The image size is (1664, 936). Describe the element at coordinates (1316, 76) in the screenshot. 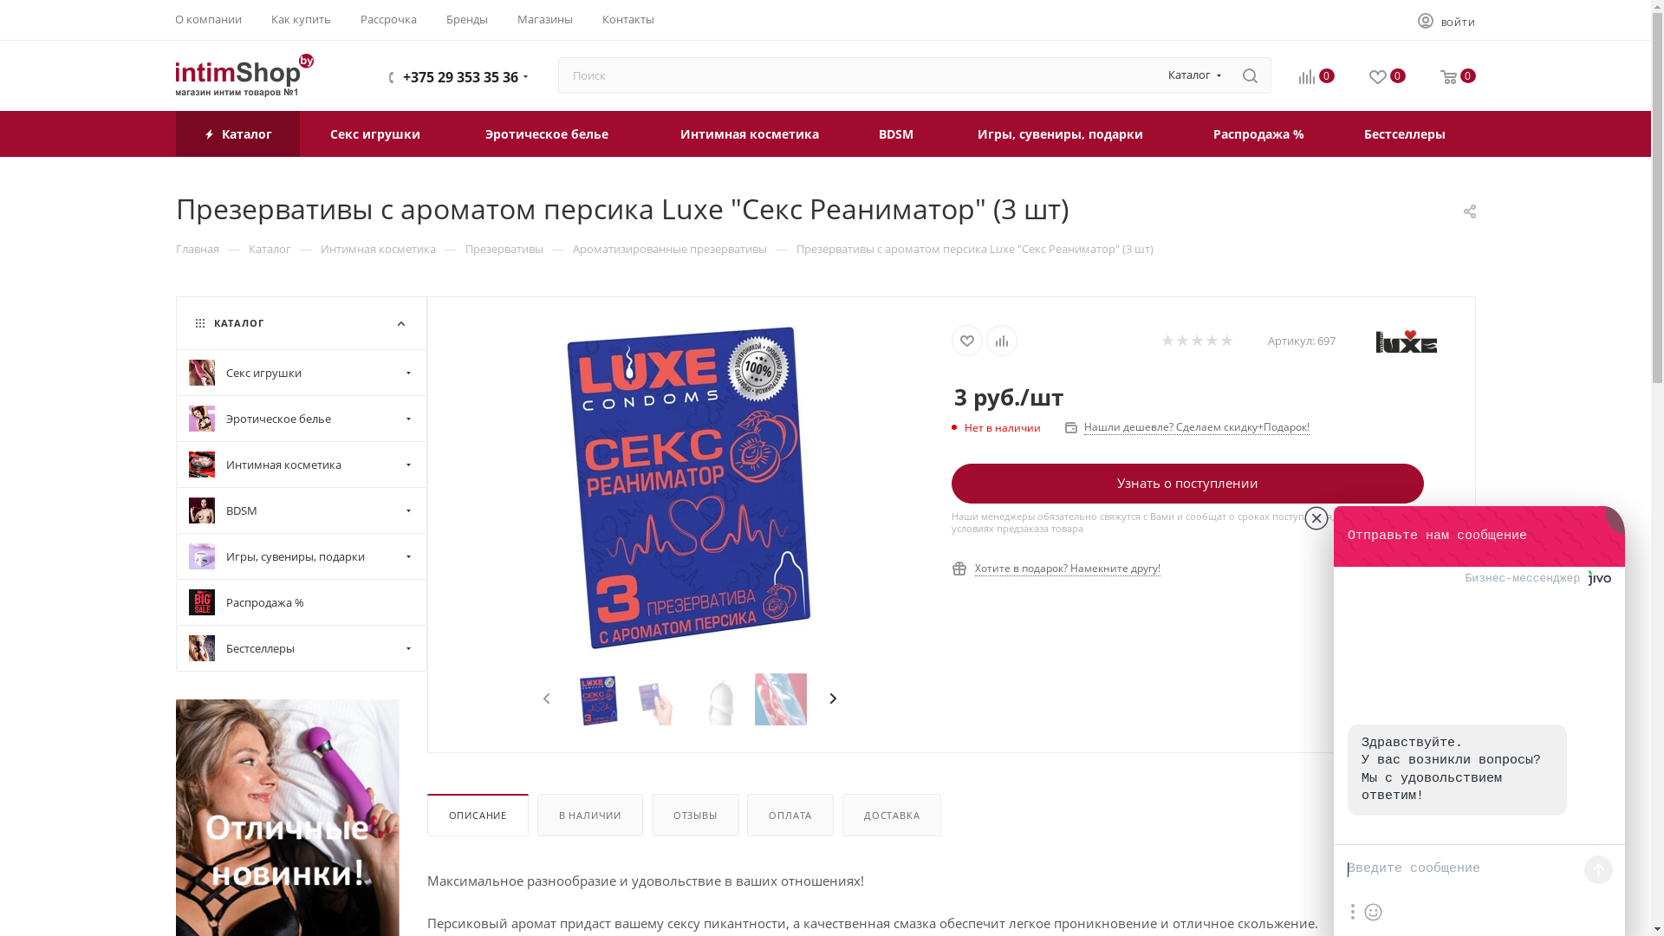

I see `'0'` at that location.